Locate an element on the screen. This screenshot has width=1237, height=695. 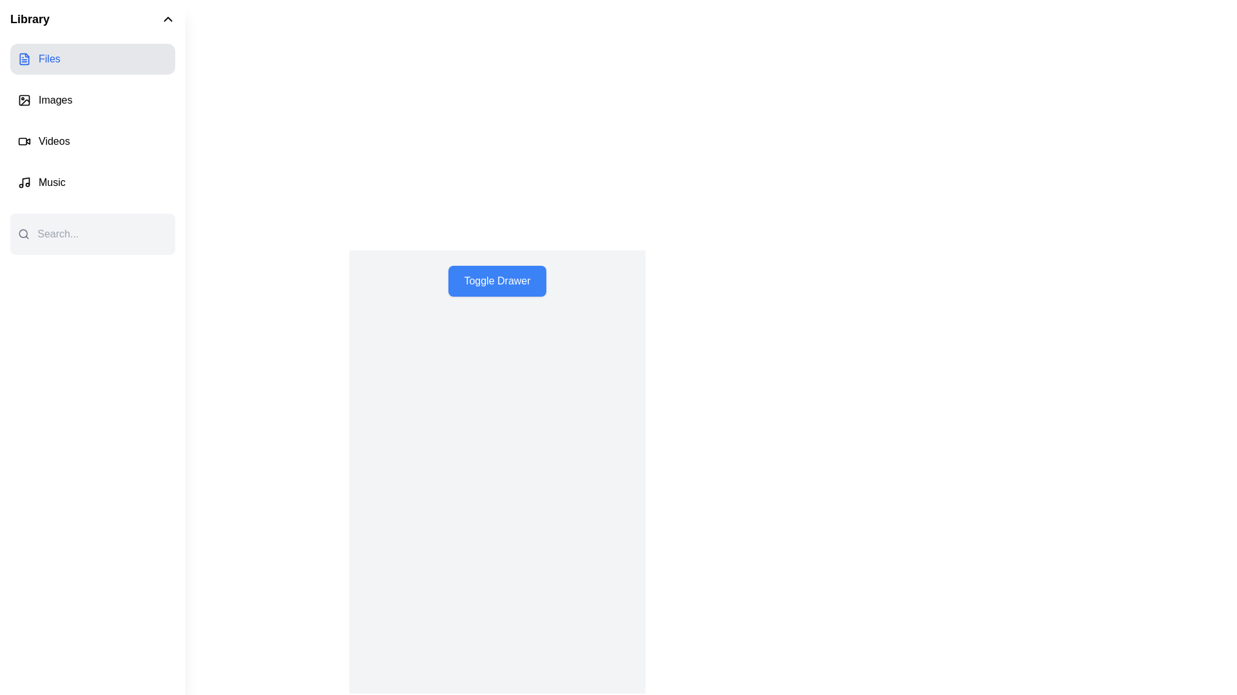
the 'Music' menu icon, which is located just above the search bar in the sidebar menu is located at coordinates (24, 183).